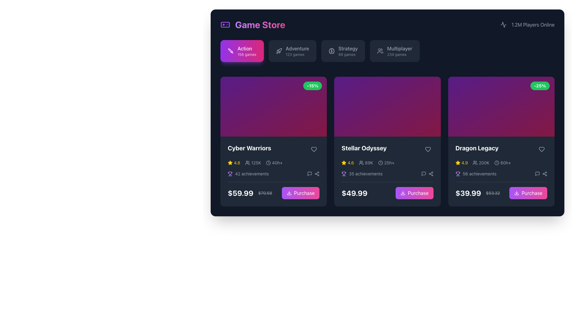 The height and width of the screenshot is (330, 587). I want to click on the 'favorite' button located in the bottom-right corner of the 'Cyber Warriors' game card to mark it as favorite or unlike, so click(314, 149).